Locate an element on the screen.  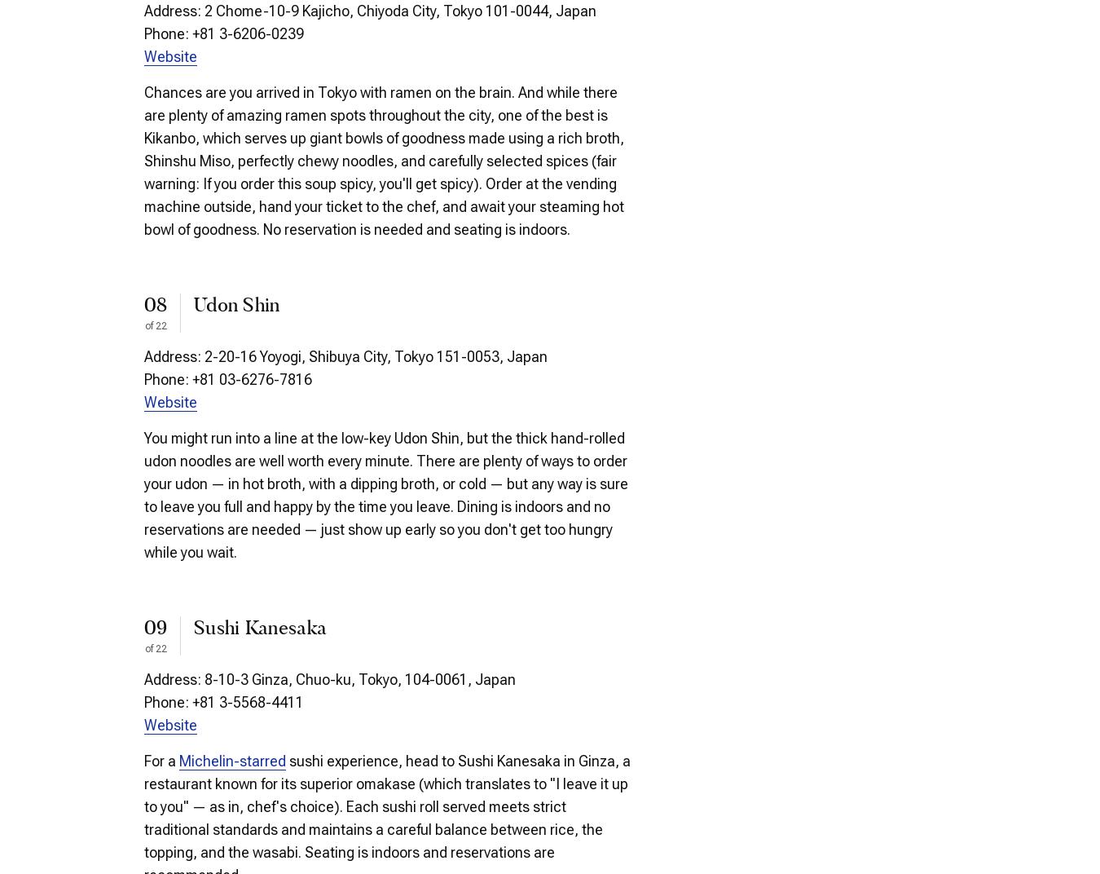
'Phone: +81 3-5568-4411' is located at coordinates (222, 700).